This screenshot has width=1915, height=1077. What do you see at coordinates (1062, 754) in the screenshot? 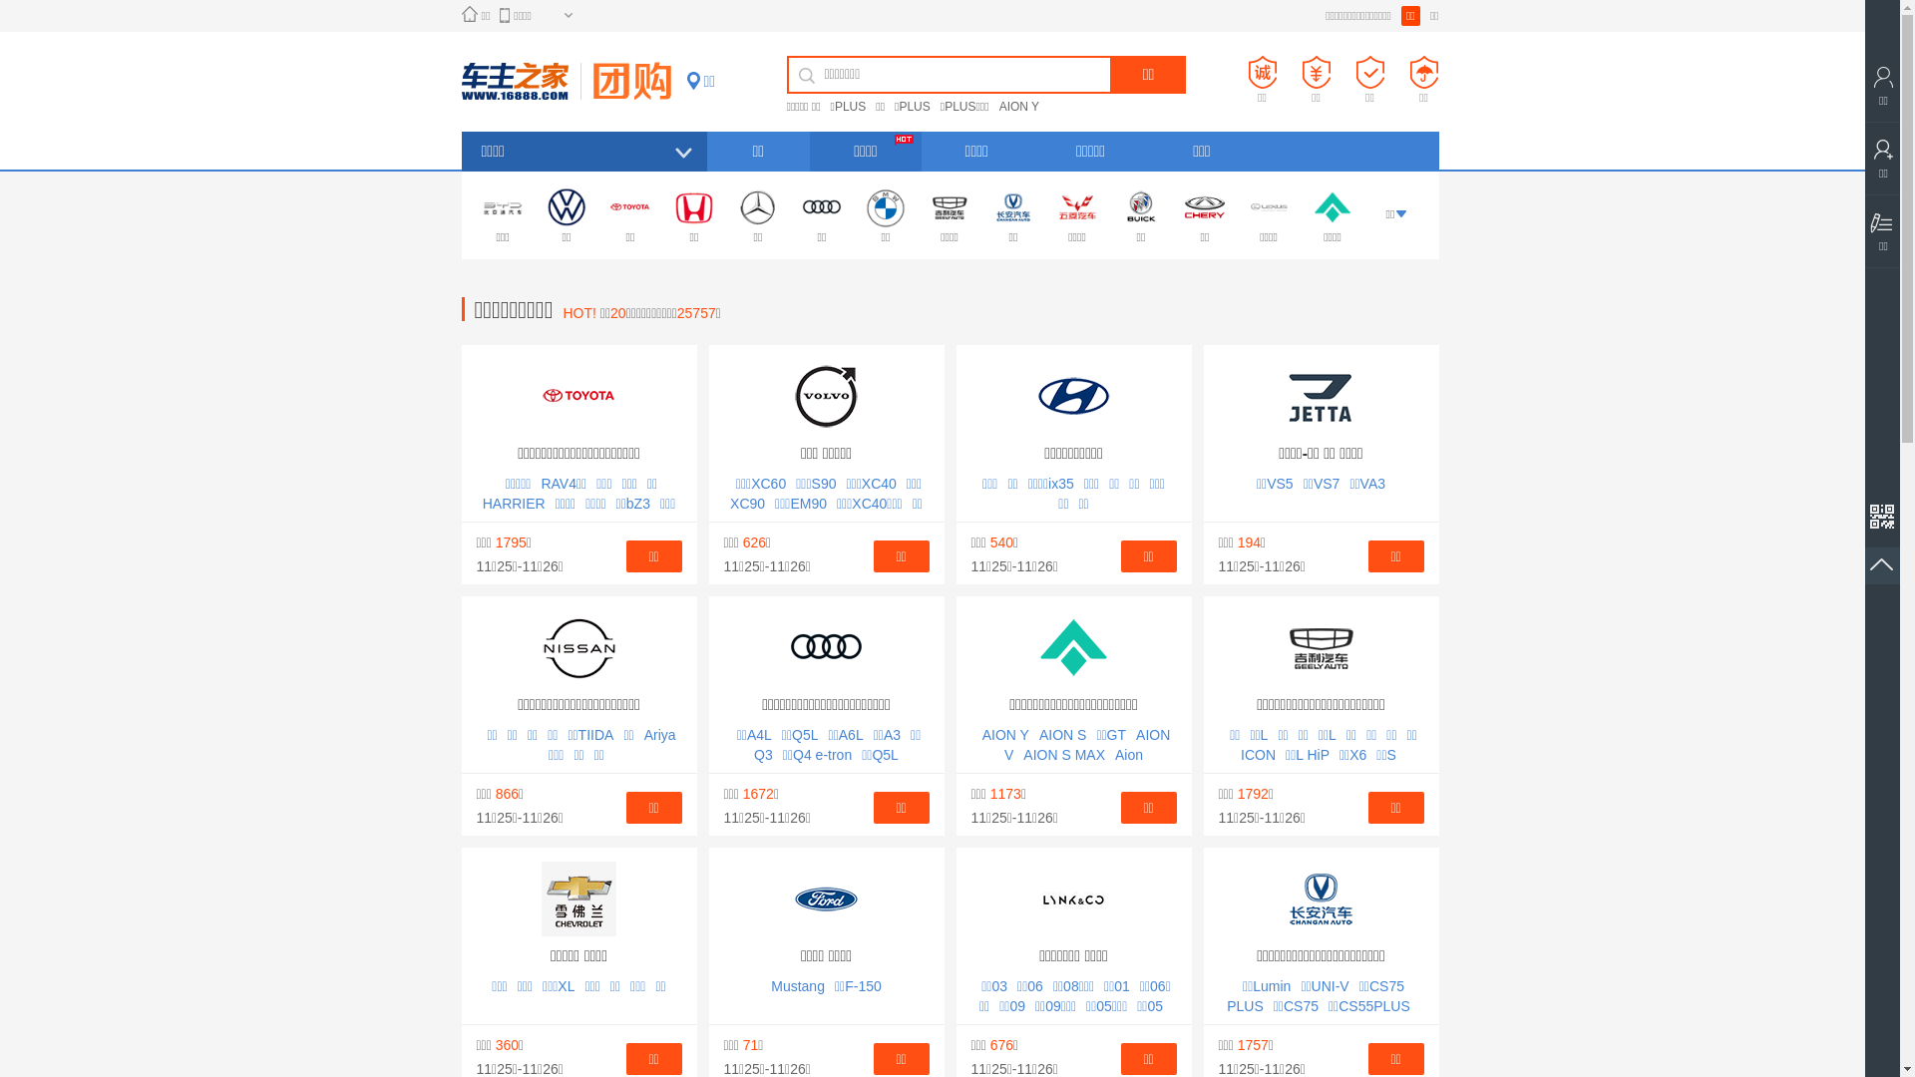
I see `'AION S MAX'` at bounding box center [1062, 754].